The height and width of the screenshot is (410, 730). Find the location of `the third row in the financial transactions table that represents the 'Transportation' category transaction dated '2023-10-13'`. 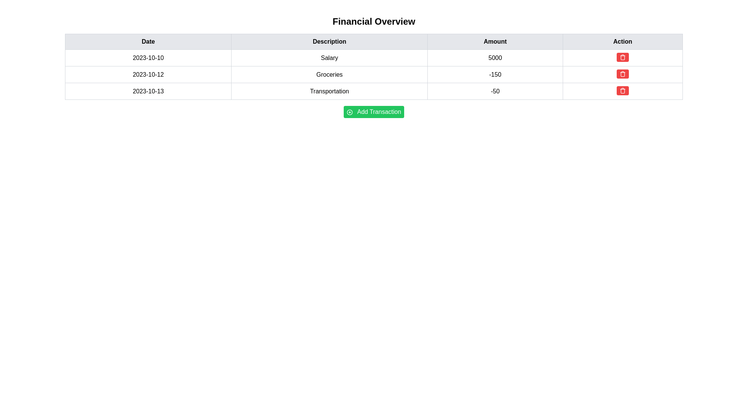

the third row in the financial transactions table that represents the 'Transportation' category transaction dated '2023-10-13' is located at coordinates (374, 91).